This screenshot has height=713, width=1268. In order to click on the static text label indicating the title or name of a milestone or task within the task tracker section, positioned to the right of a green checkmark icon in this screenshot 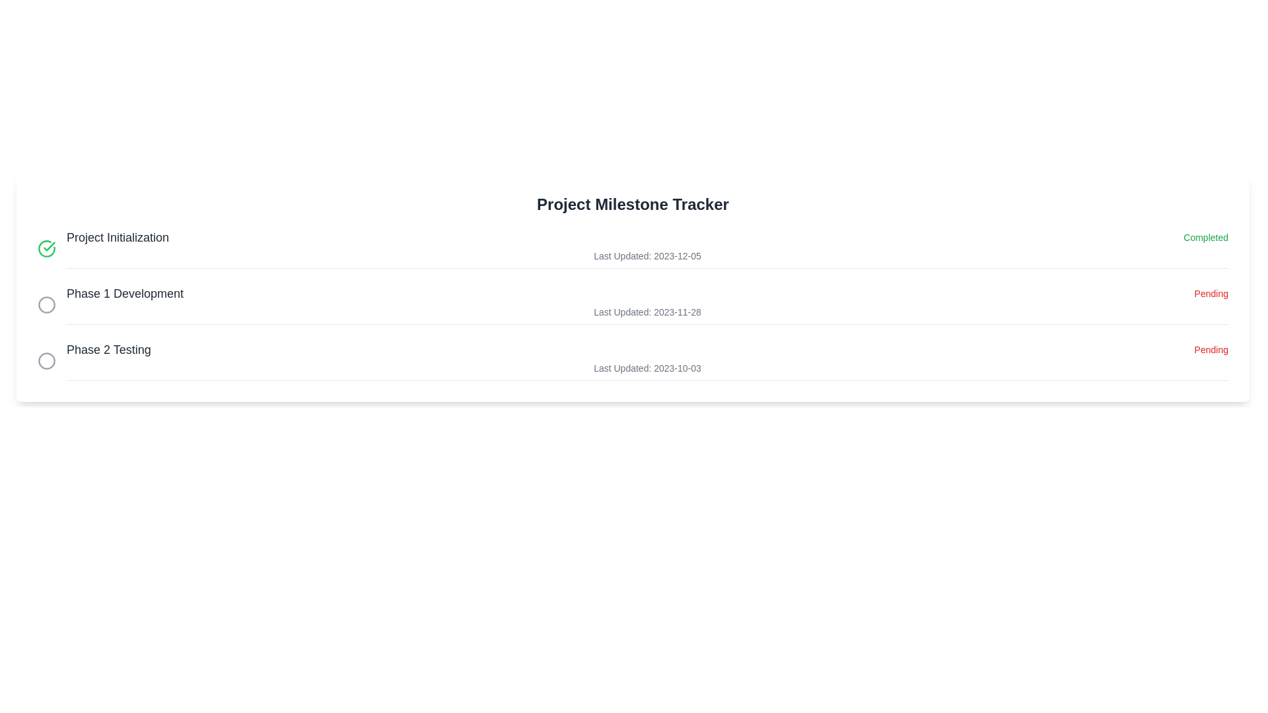, I will do `click(118, 236)`.